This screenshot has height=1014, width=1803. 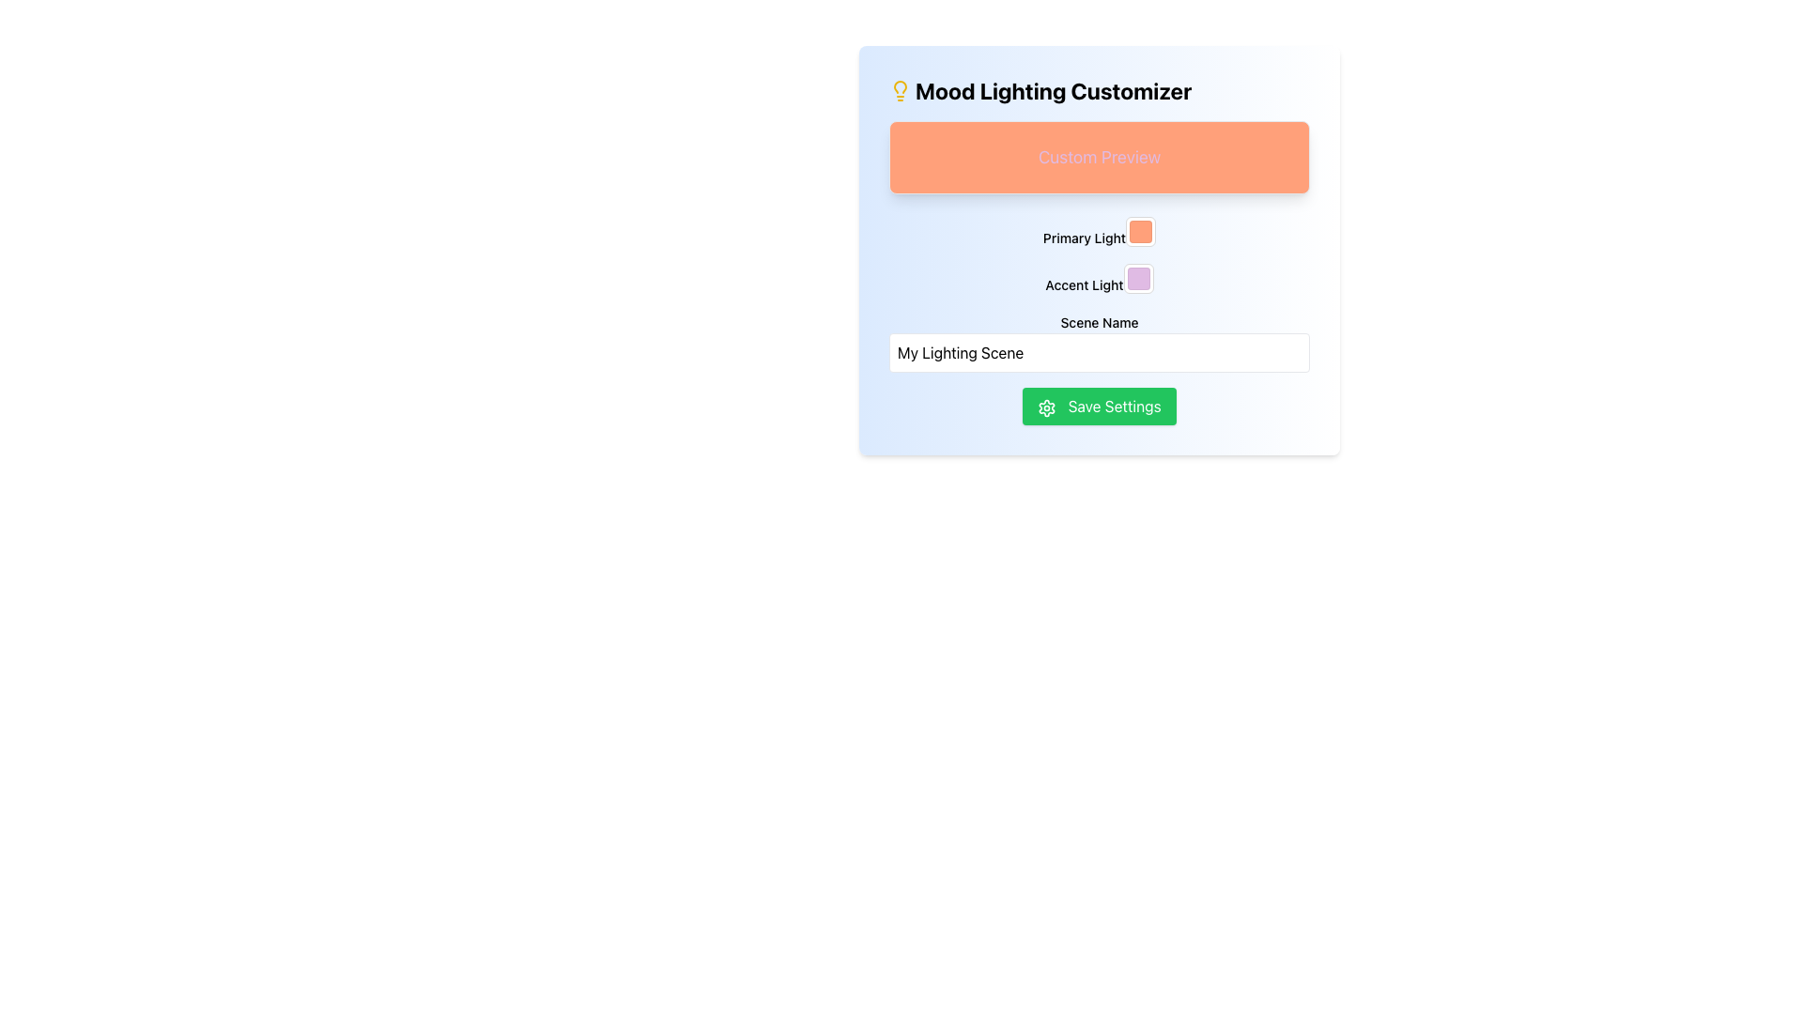 I want to click on heading content of the 'Mood Lighting Customizer' text header located at the top of the panel, so click(x=1100, y=90).